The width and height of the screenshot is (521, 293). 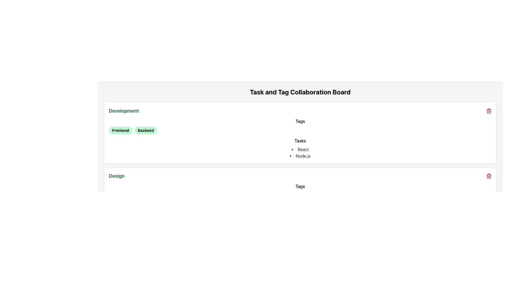 I want to click on the first tag in the 'Development' section, which serves as a category or tag label for filtering content, so click(x=120, y=130).